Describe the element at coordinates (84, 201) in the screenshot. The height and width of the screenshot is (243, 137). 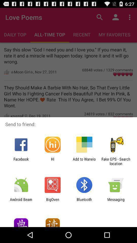
I see `app to the left of the messaging icon` at that location.